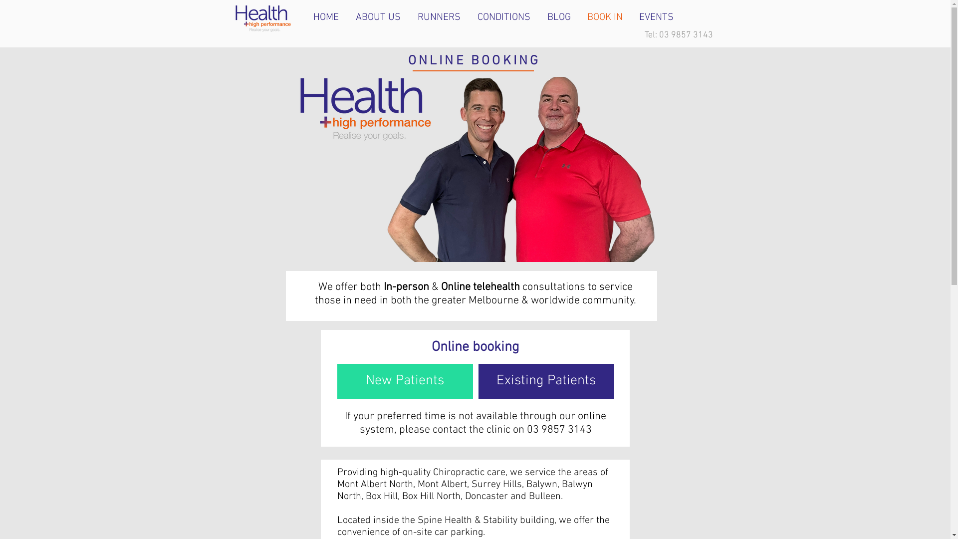  I want to click on 'BOOK IN', so click(605, 17).